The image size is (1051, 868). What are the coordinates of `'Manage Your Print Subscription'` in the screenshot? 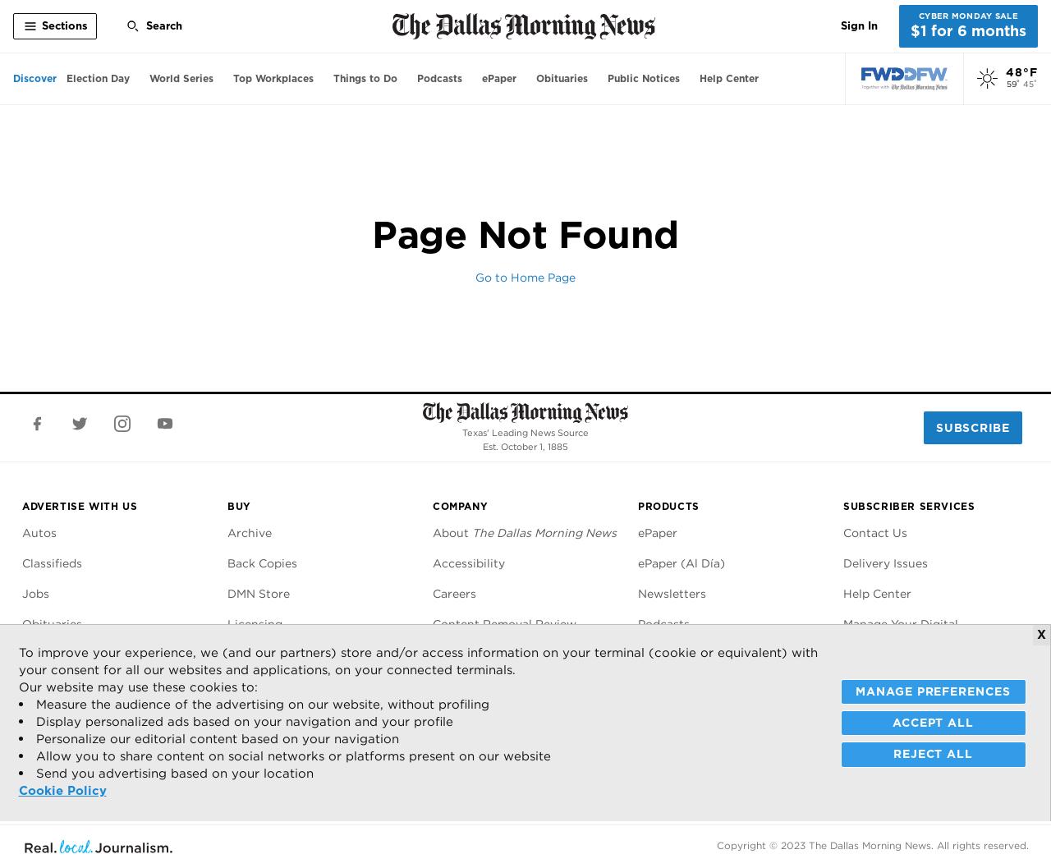 It's located at (934, 672).